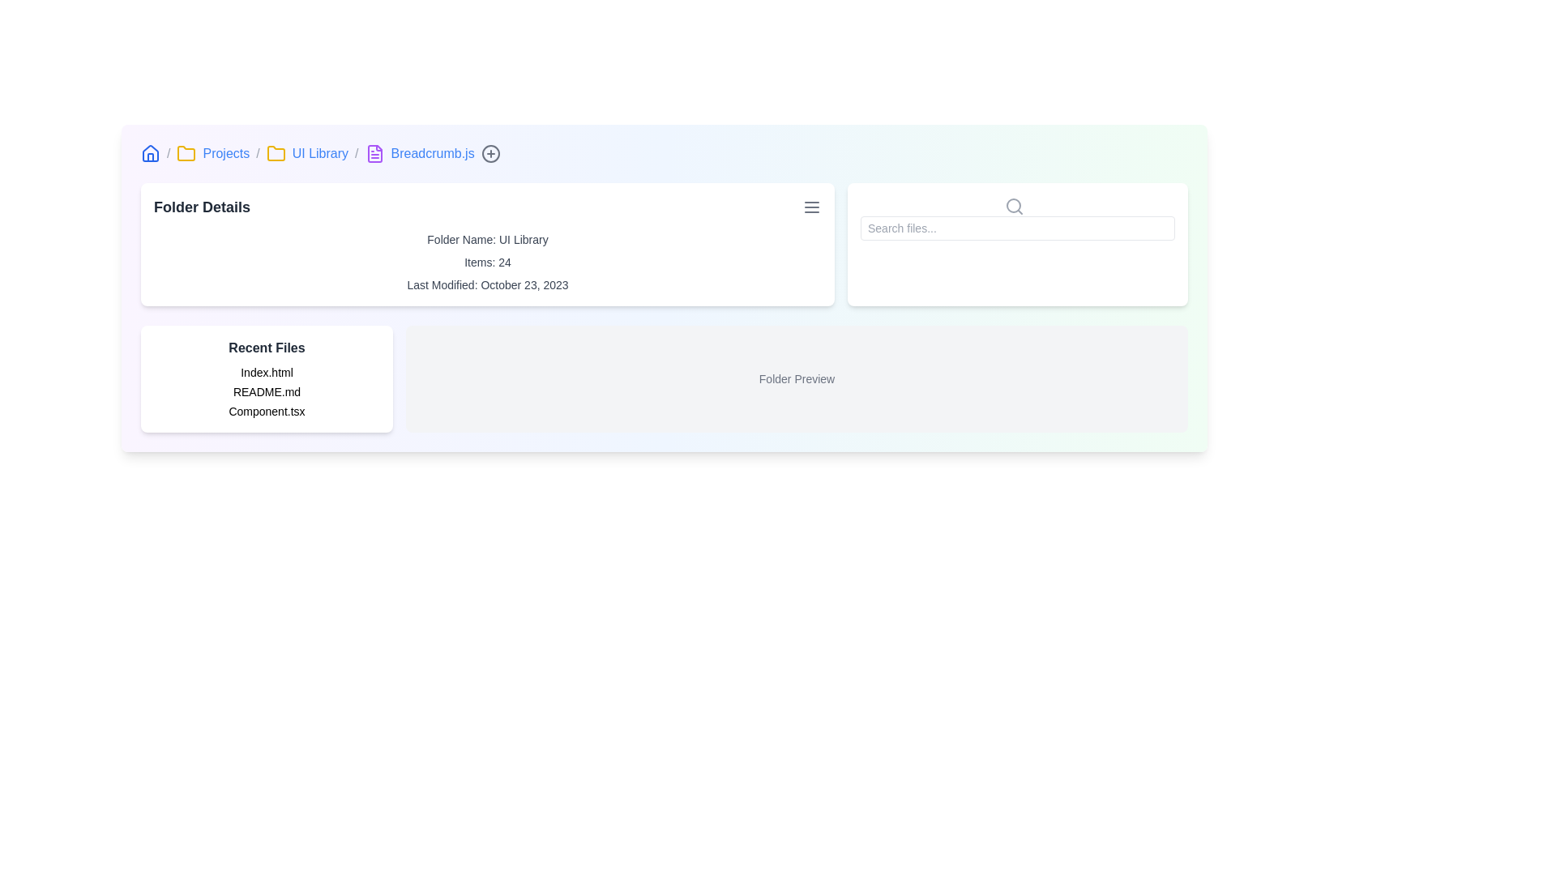  What do you see at coordinates (1013, 204) in the screenshot?
I see `the circular icon element that is part of the search icon in the SVG graphic, located slightly to the right of the input field` at bounding box center [1013, 204].